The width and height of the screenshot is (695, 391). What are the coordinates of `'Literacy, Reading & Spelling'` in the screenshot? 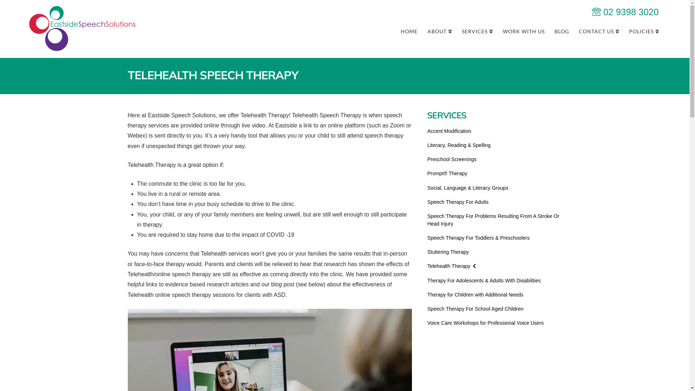 It's located at (458, 145).